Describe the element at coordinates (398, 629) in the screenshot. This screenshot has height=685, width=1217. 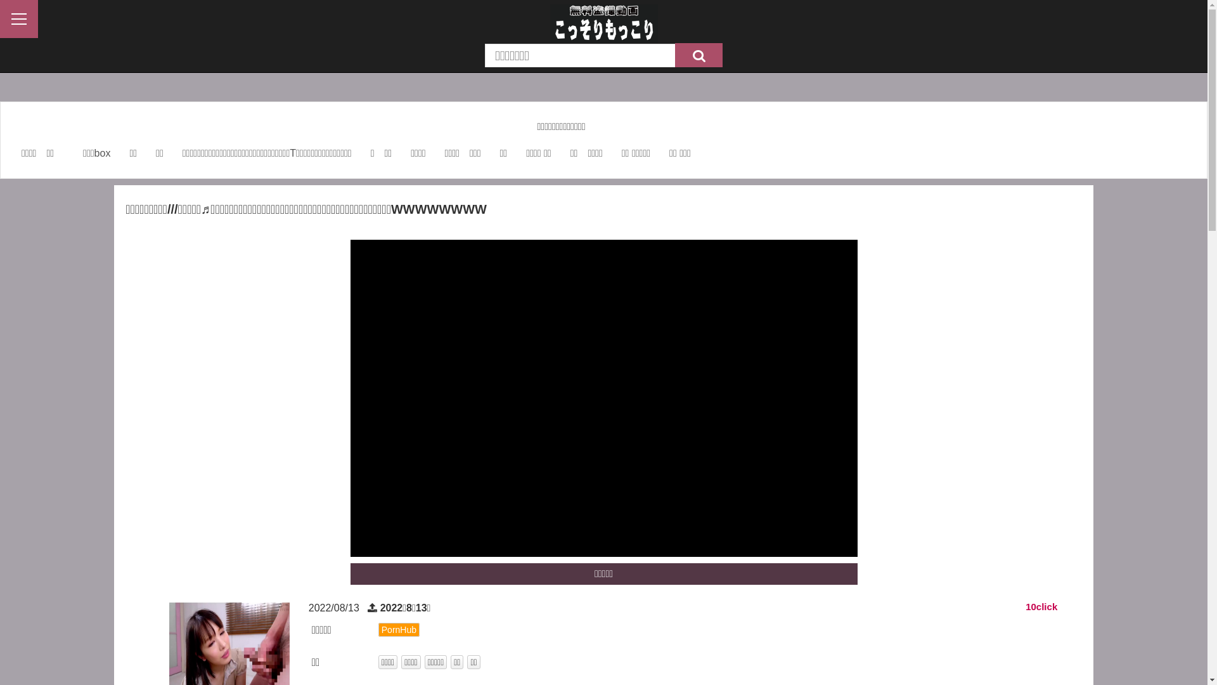
I see `'PornHub'` at that location.